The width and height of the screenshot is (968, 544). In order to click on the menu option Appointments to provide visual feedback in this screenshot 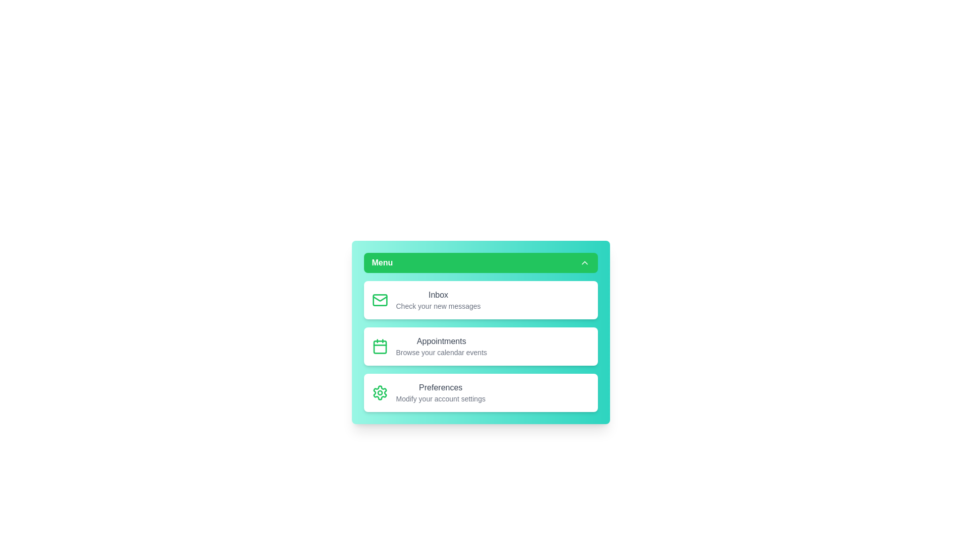, I will do `click(480, 346)`.